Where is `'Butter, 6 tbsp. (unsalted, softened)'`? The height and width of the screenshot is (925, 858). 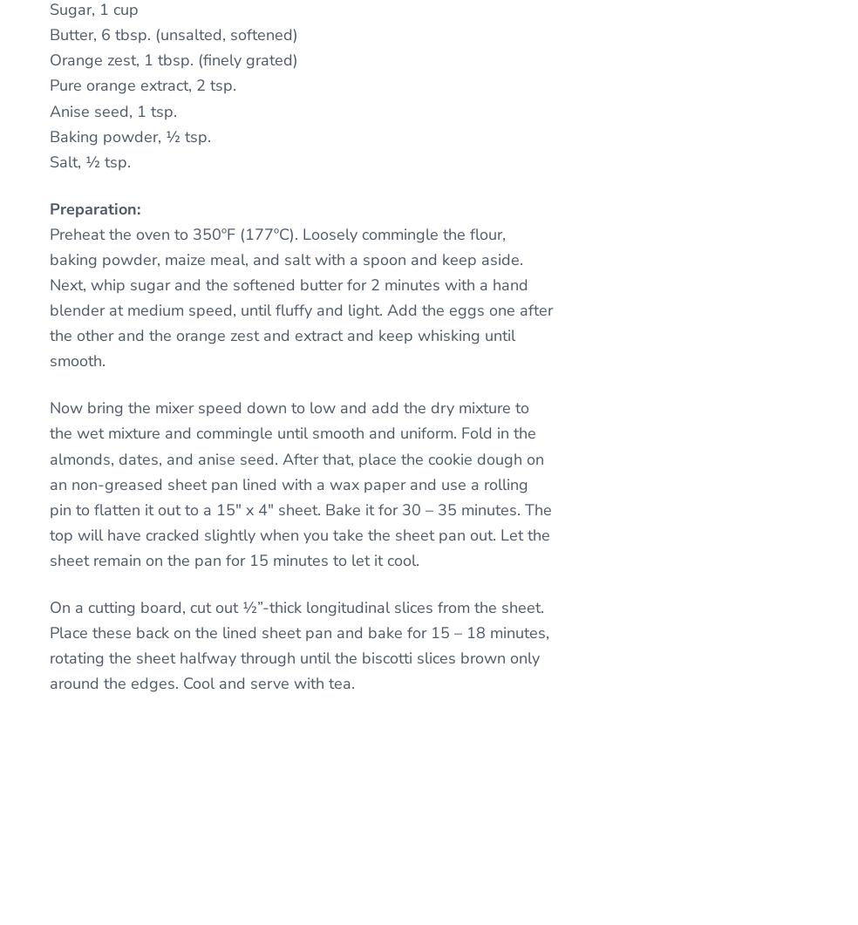
'Butter, 6 tbsp. (unsalted, softened)' is located at coordinates (174, 34).